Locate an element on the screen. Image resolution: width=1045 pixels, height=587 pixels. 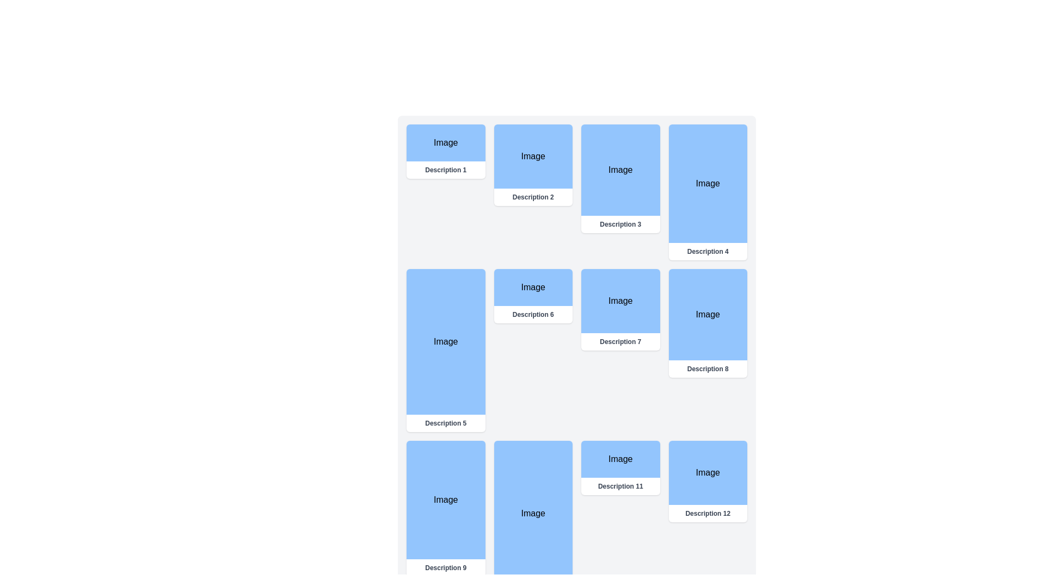
the second card in the first row of a grid, which displays an image placeholder and a description, located between 'Description 1' and 'Description 3' is located at coordinates (533, 165).